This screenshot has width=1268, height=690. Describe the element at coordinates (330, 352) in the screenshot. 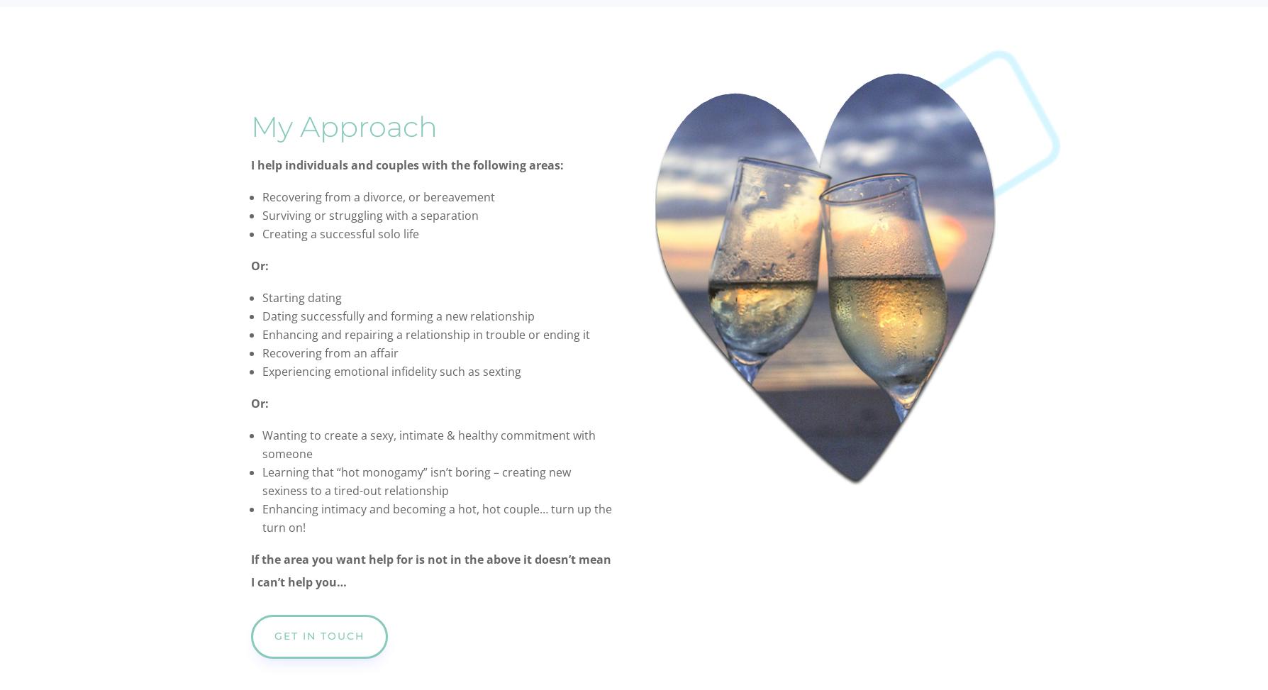

I see `'Recovering from an affair'` at that location.